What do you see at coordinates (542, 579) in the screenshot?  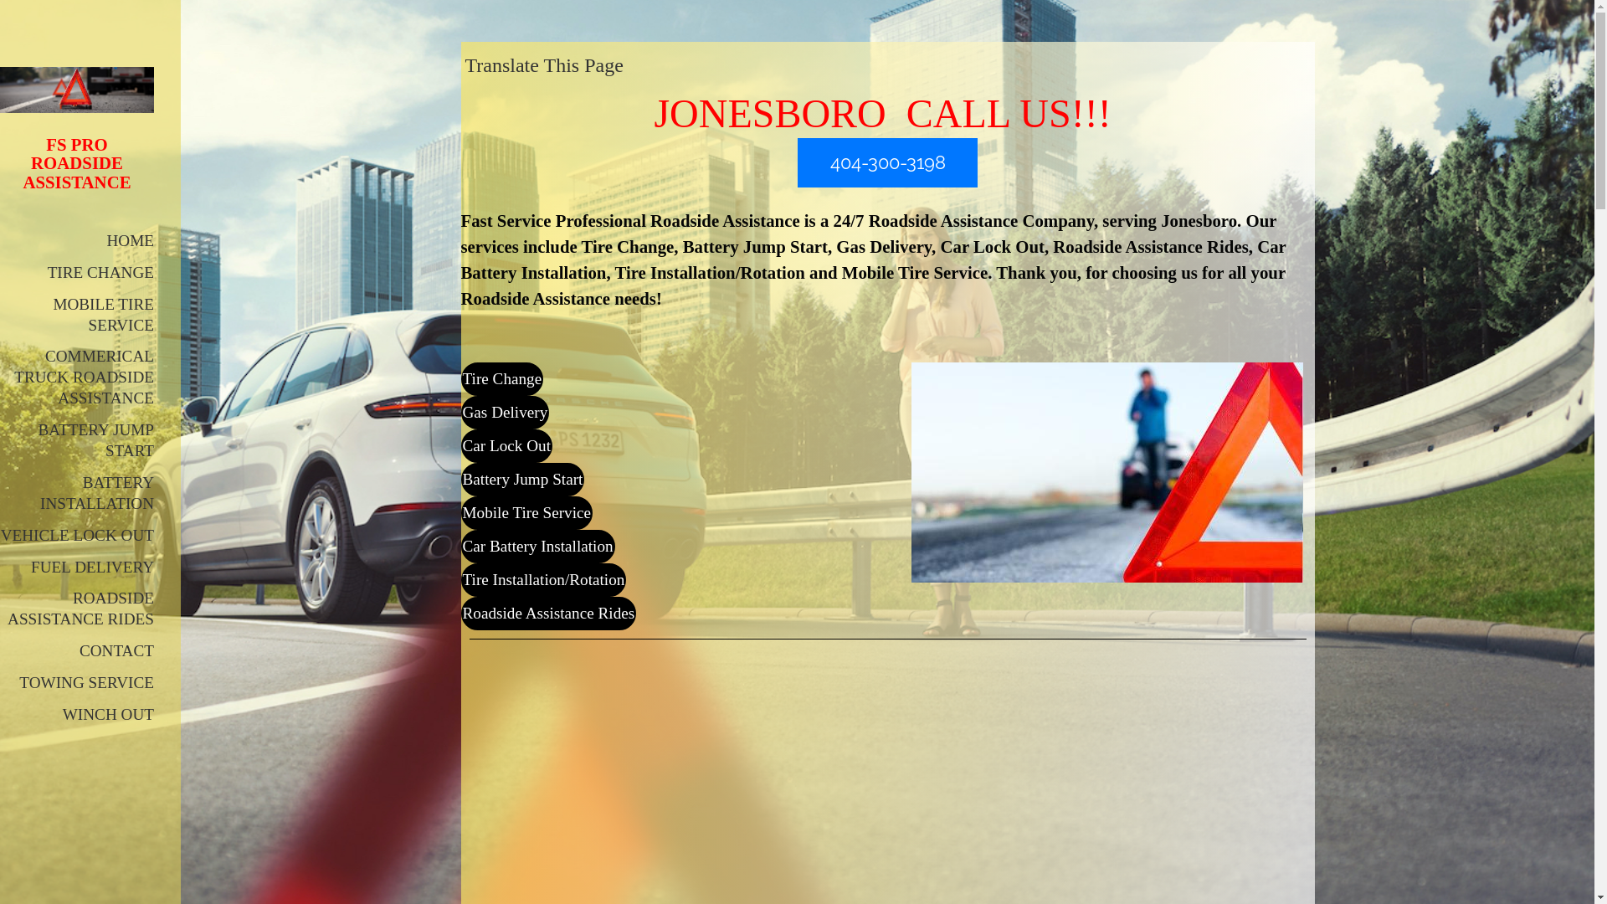 I see `'Tire Installation/Rotation'` at bounding box center [542, 579].